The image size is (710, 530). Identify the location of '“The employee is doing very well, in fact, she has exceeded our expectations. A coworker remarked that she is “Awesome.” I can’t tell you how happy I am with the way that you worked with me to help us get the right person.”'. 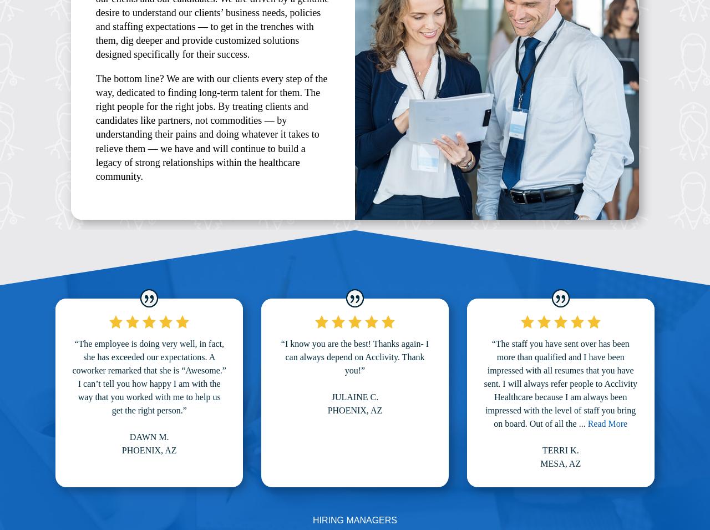
(148, 376).